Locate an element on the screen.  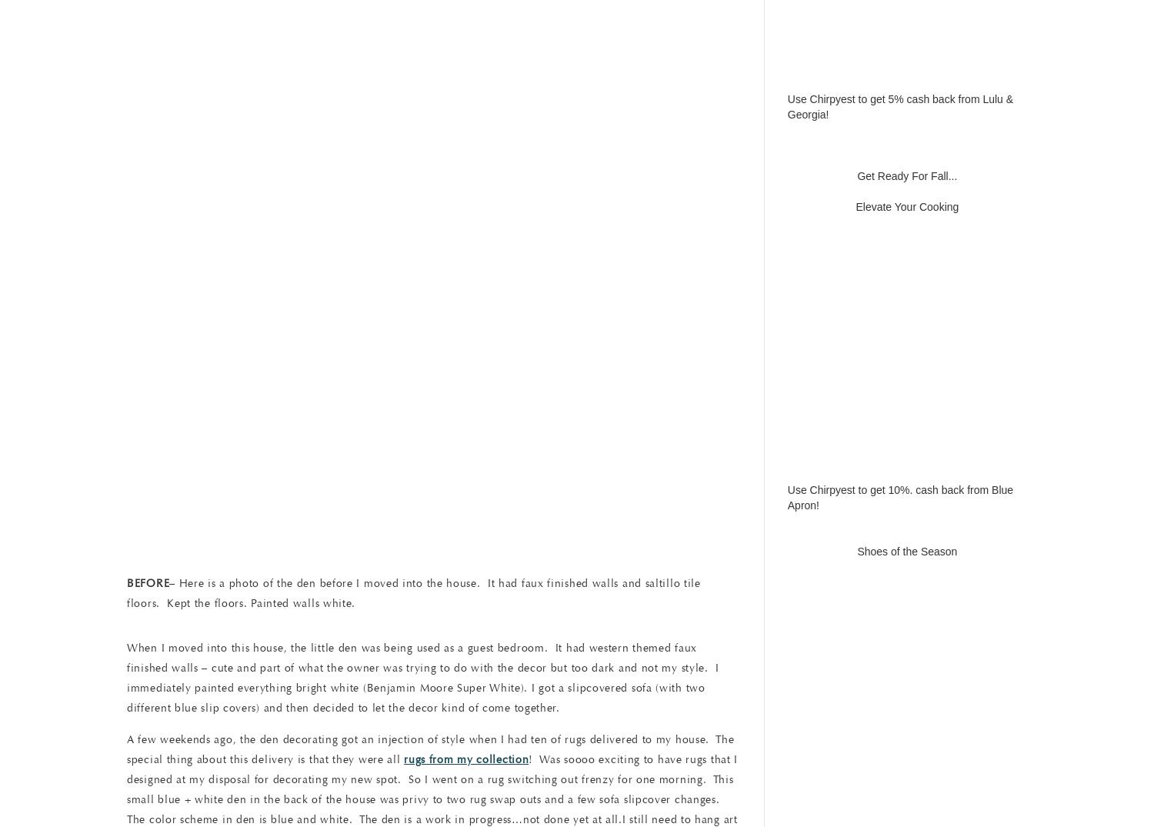
'Use Chirpyest to get 5% cash back from Lulu & Georgia!' is located at coordinates (900, 105).